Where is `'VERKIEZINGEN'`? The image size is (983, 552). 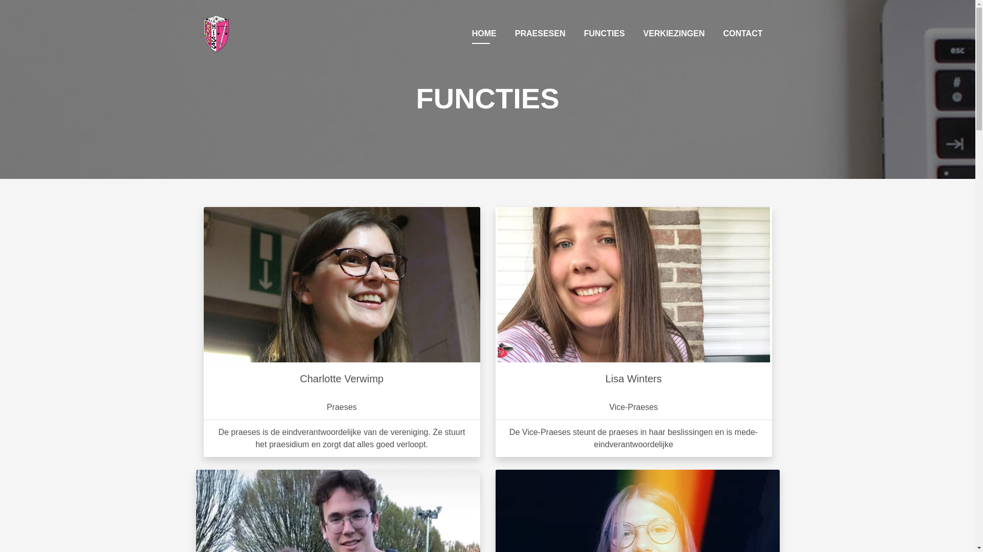
'VERKIEZINGEN' is located at coordinates (673, 33).